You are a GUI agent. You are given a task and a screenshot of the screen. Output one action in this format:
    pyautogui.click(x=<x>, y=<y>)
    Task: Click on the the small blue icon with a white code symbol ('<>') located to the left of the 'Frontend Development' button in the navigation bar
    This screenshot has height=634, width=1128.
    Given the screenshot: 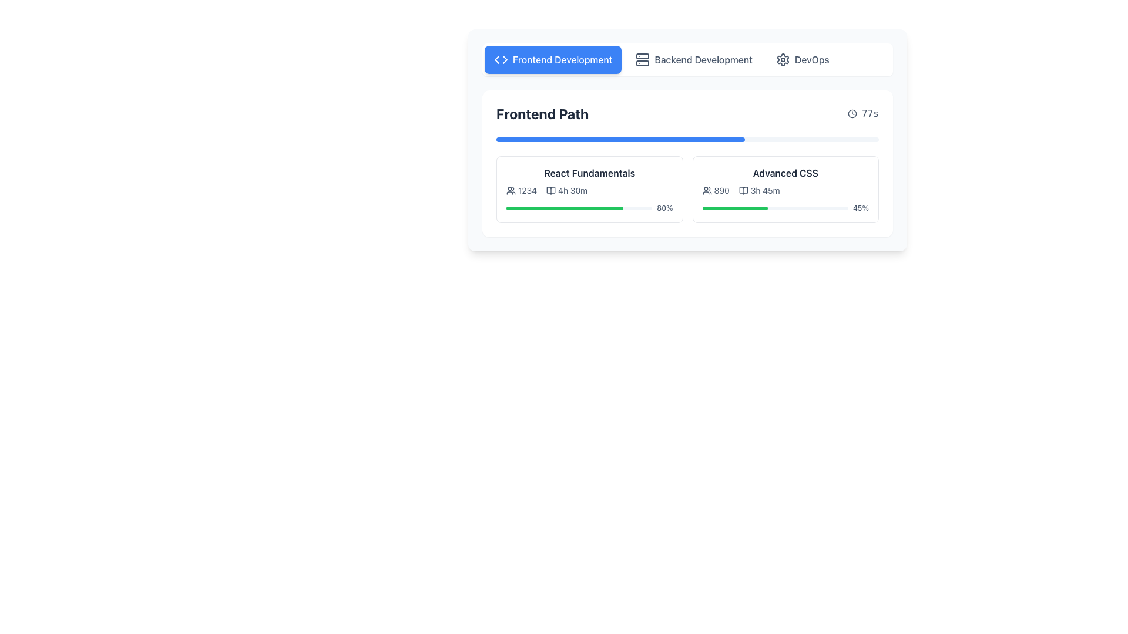 What is the action you would take?
    pyautogui.click(x=501, y=59)
    